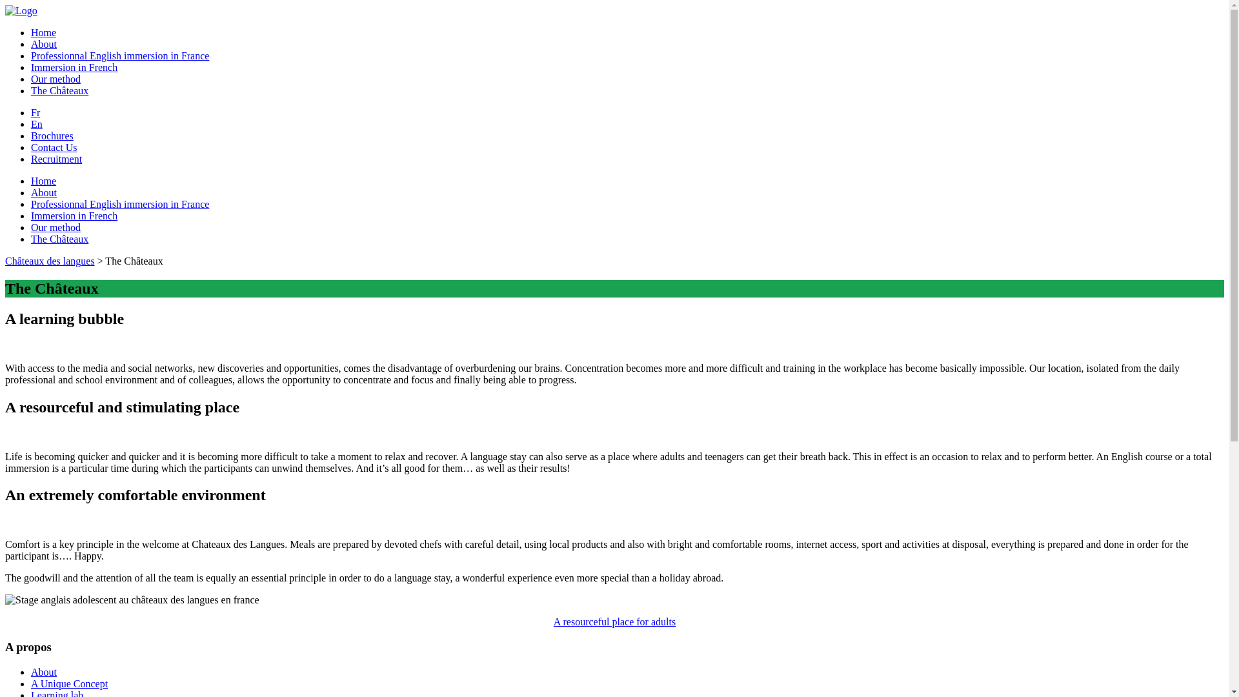 Image resolution: width=1239 pixels, height=697 pixels. What do you see at coordinates (120, 203) in the screenshot?
I see `'Professionnal English immersion in France'` at bounding box center [120, 203].